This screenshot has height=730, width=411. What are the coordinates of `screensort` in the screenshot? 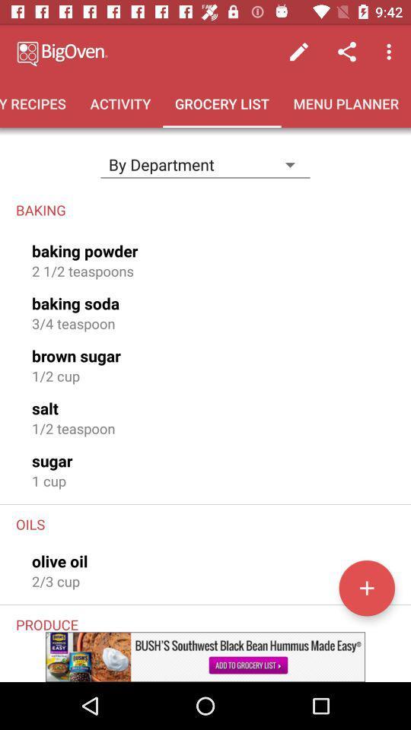 It's located at (366, 587).